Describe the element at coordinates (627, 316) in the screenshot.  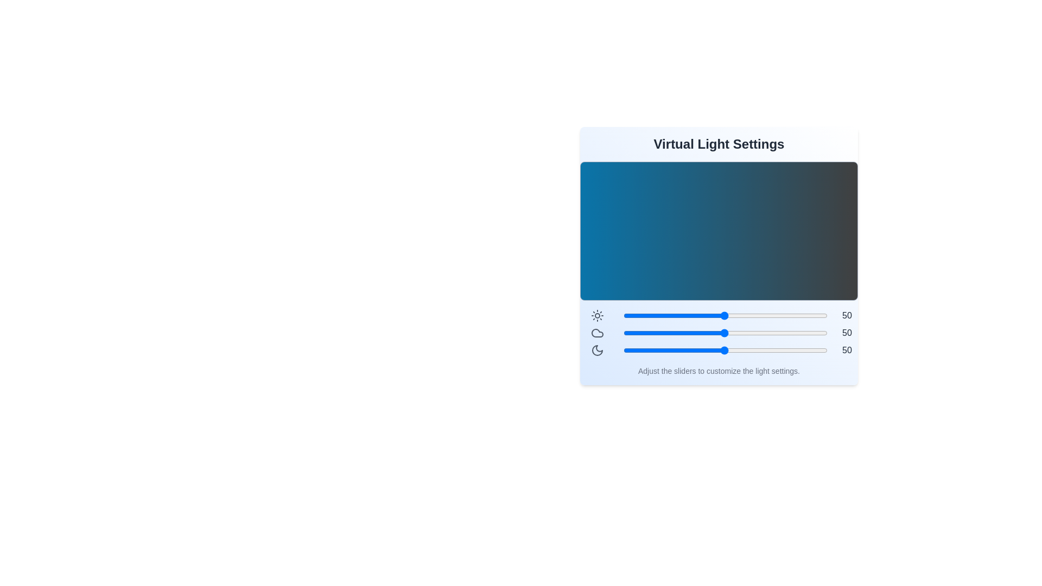
I see `the brightness slider to 3 level` at that location.